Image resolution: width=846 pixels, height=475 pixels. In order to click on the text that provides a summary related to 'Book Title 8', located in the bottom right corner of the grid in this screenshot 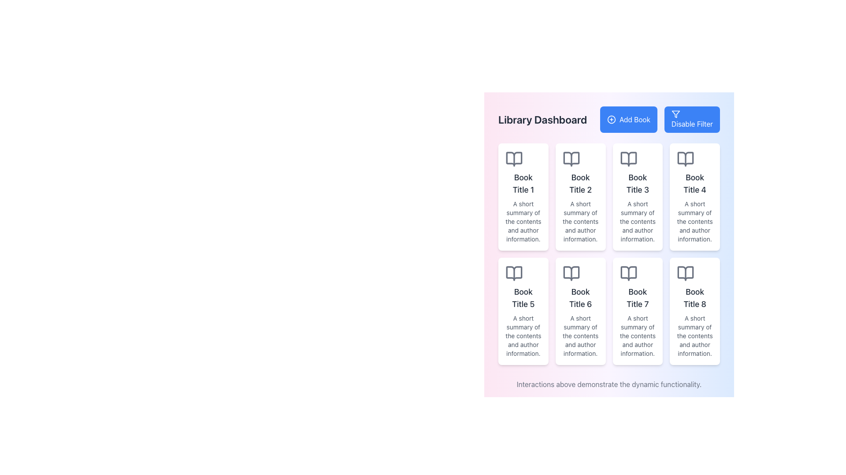, I will do `click(694, 336)`.